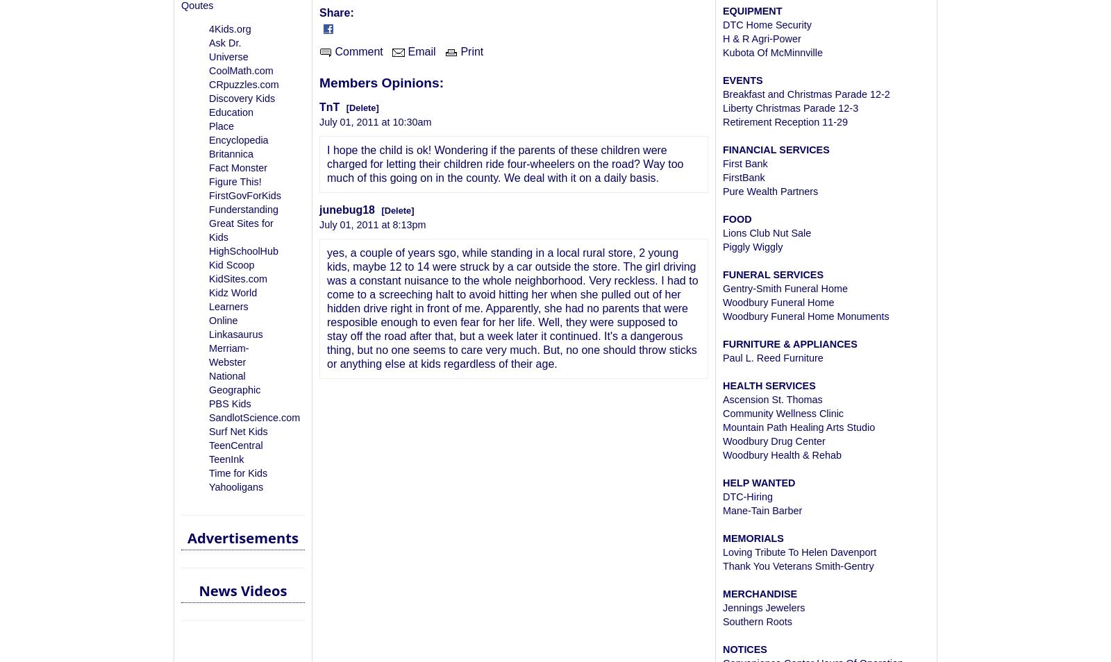 Image resolution: width=1111 pixels, height=662 pixels. Describe the element at coordinates (798, 566) in the screenshot. I see `'Thank You Veterans Smith-Gentry'` at that location.